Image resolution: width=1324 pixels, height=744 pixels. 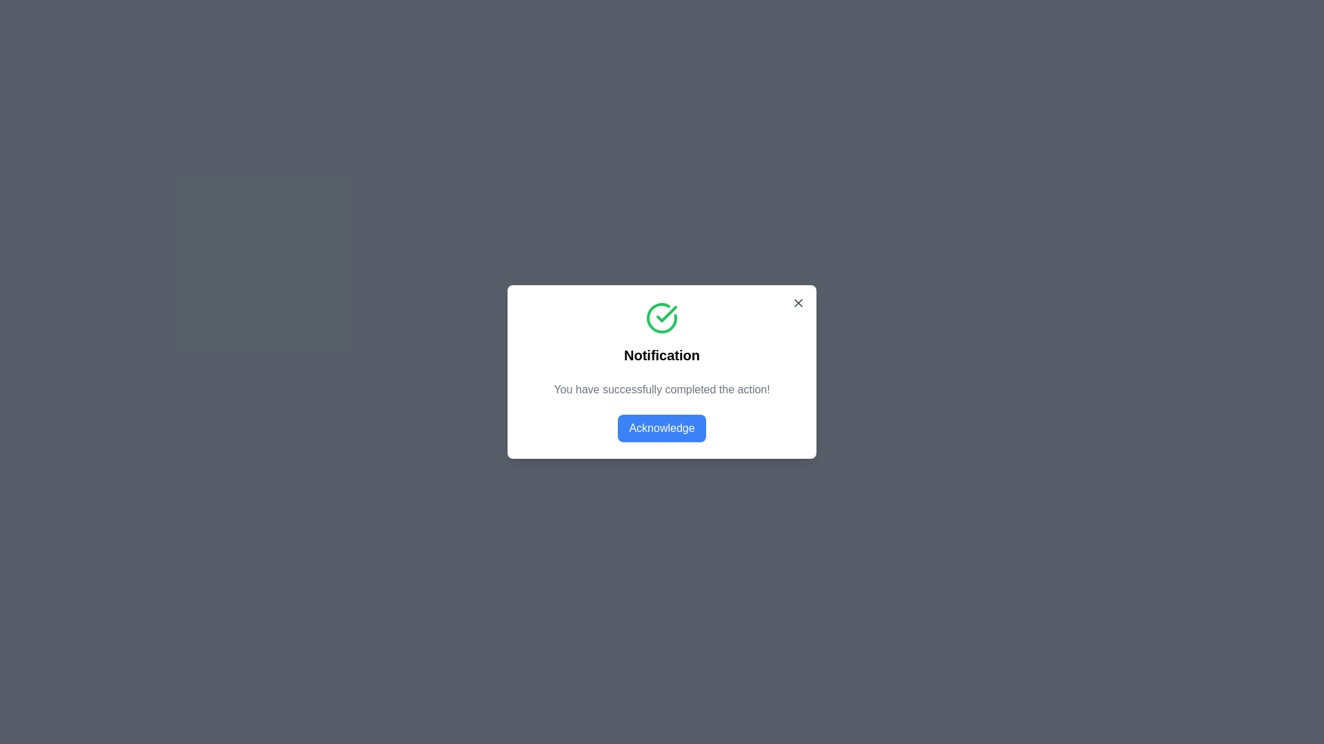 I want to click on the rectangular blue button with white text reading 'Acknowledge' located at the bottom of the modal window to acknowledge the action, so click(x=662, y=427).